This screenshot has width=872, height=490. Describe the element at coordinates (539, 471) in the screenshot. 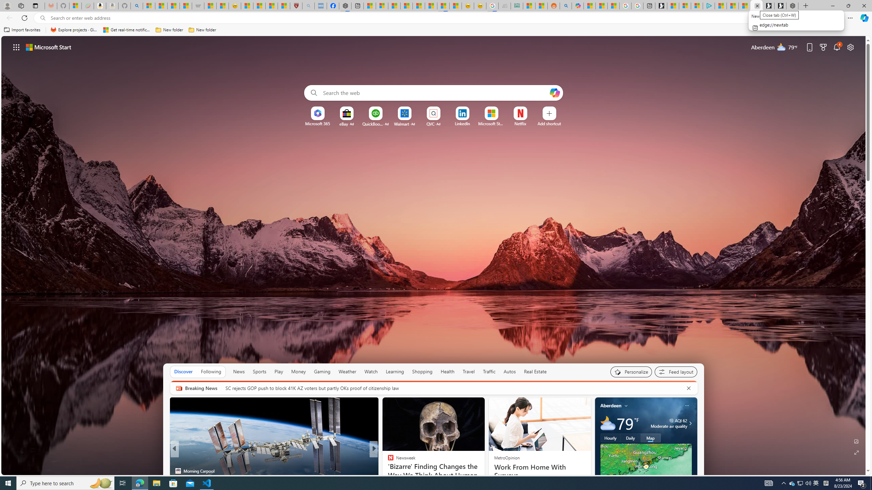

I see `'Work From Home With Surveys'` at that location.